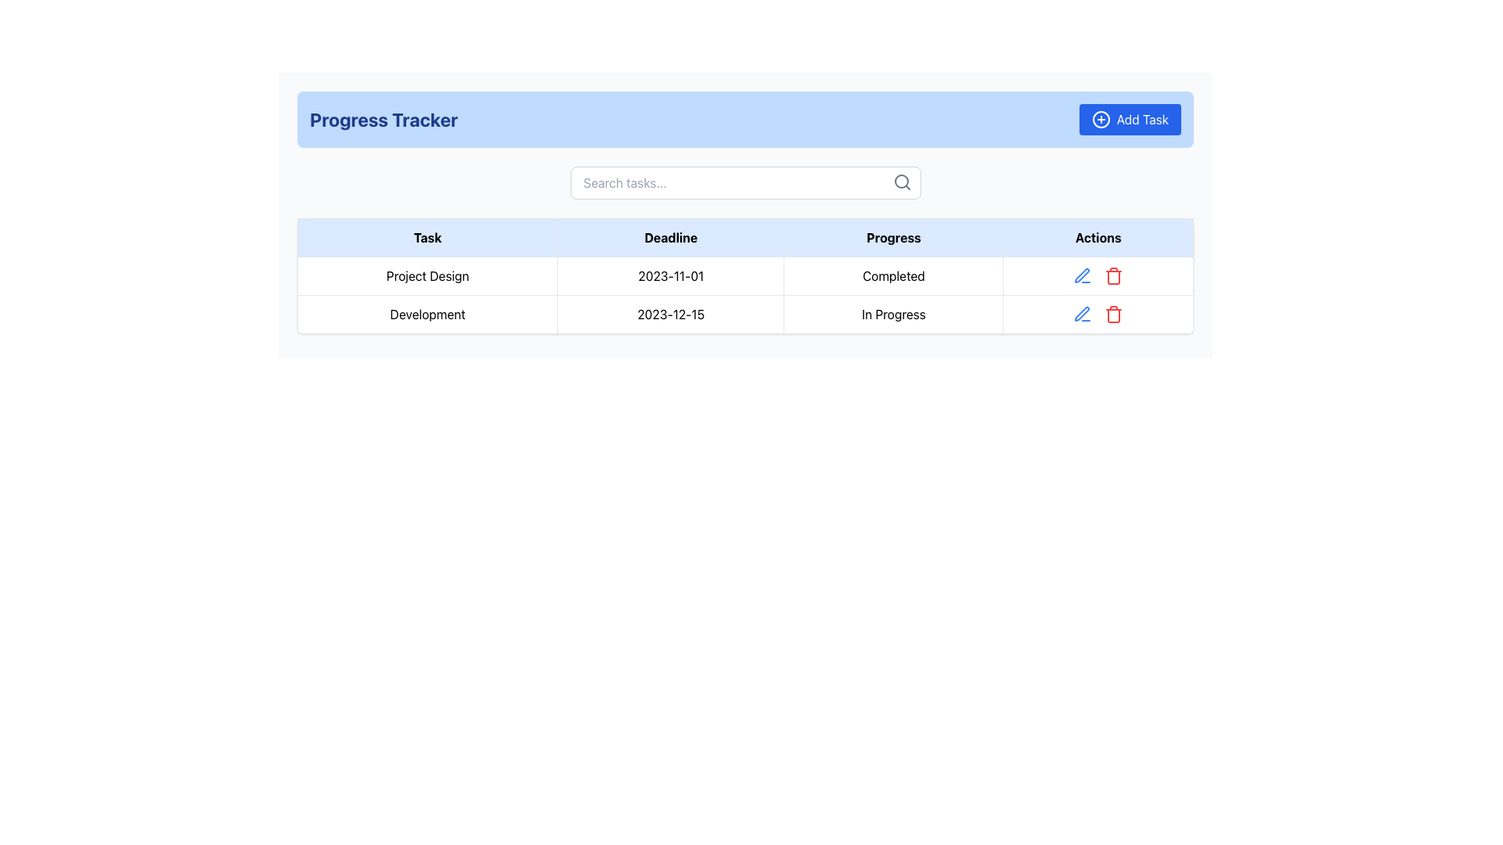 The height and width of the screenshot is (845, 1503). Describe the element at coordinates (1130, 119) in the screenshot. I see `the blue rectangular 'Add Task' button with a '+' icon` at that location.